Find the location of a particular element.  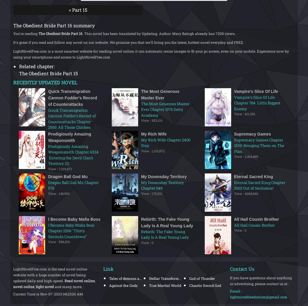

'Prodigiously Amazing Weaponsmith' is located at coordinates (69, 136).